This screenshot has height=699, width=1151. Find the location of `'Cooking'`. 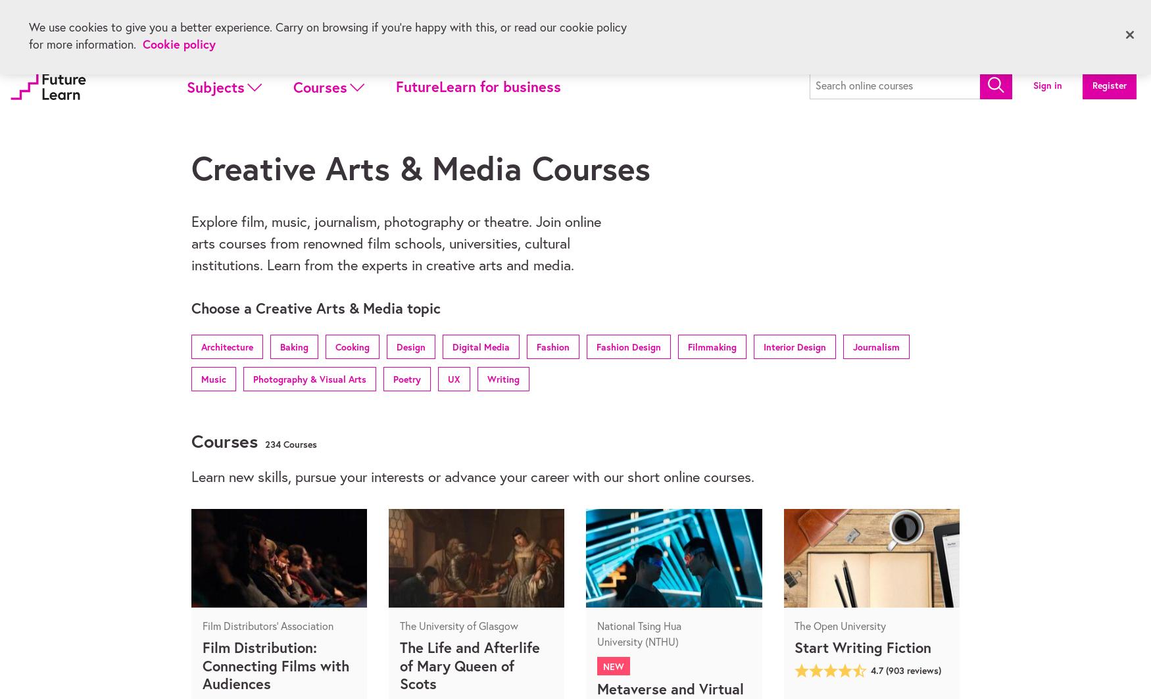

'Cooking' is located at coordinates (352, 346).